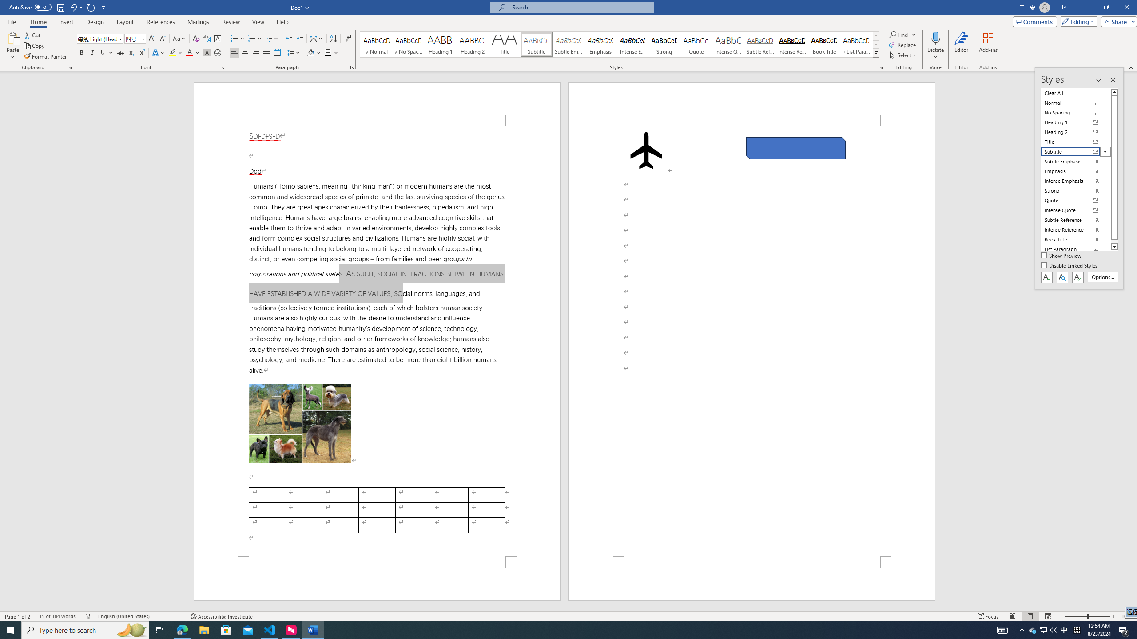  I want to click on 'Asian Layout', so click(316, 39).